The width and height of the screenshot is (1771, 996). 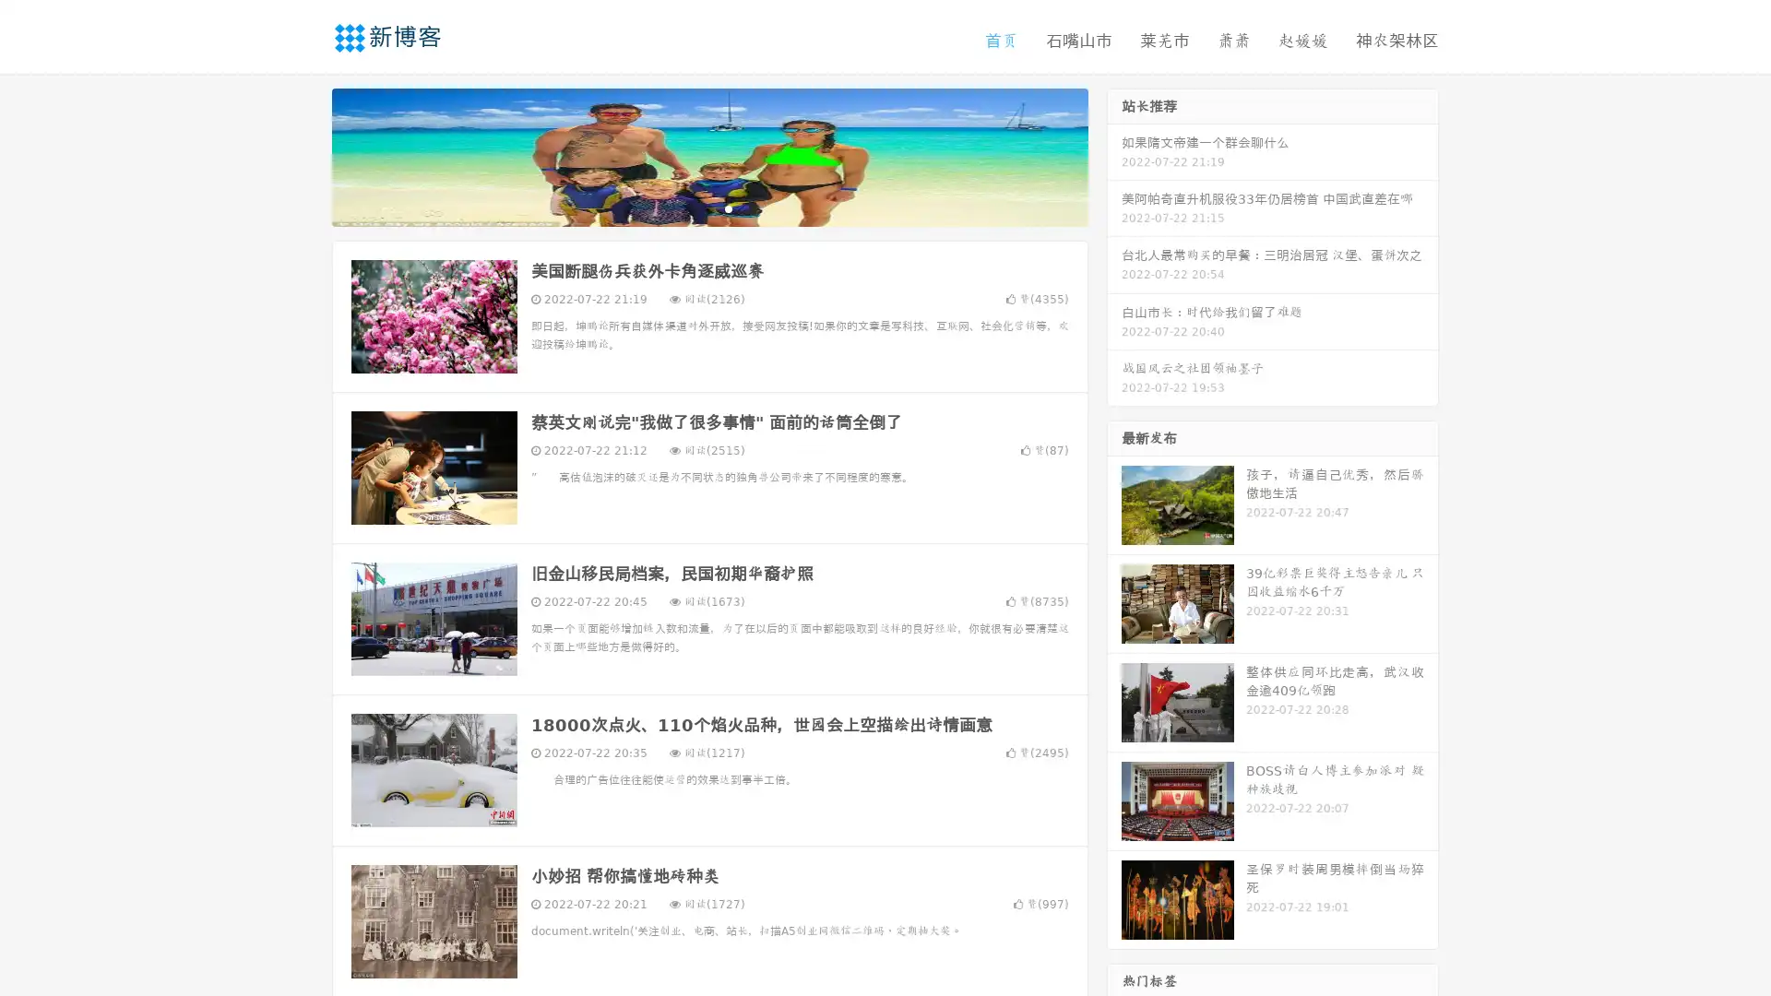 I want to click on Next slide, so click(x=1114, y=155).